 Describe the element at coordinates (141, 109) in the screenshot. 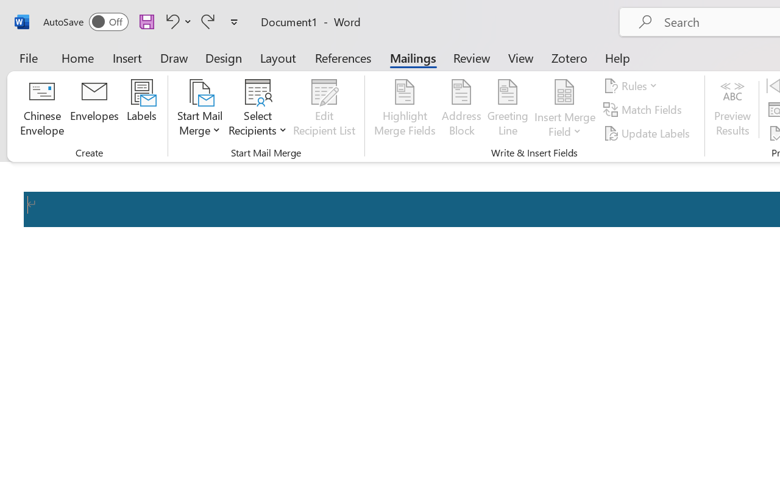

I see `'Labels...'` at that location.